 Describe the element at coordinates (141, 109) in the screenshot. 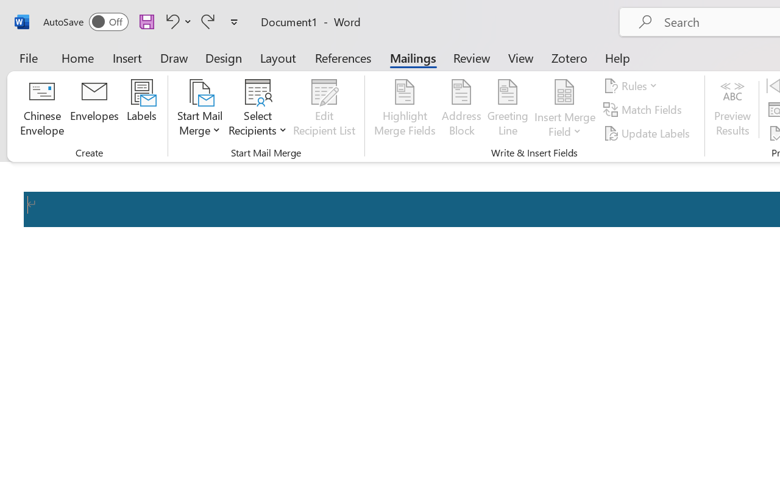

I see `'Labels...'` at that location.